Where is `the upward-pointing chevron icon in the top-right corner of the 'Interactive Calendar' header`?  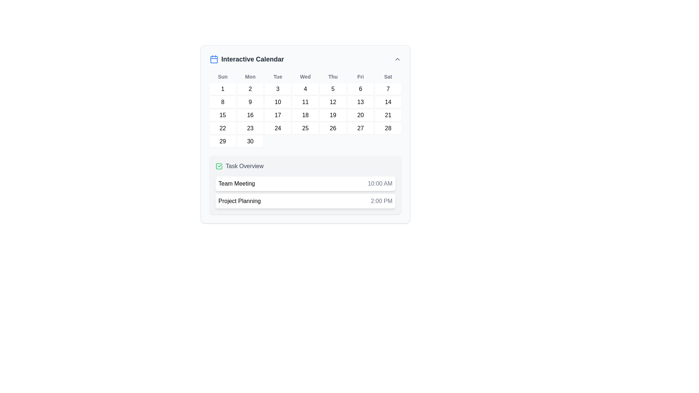
the upward-pointing chevron icon in the top-right corner of the 'Interactive Calendar' header is located at coordinates (397, 59).